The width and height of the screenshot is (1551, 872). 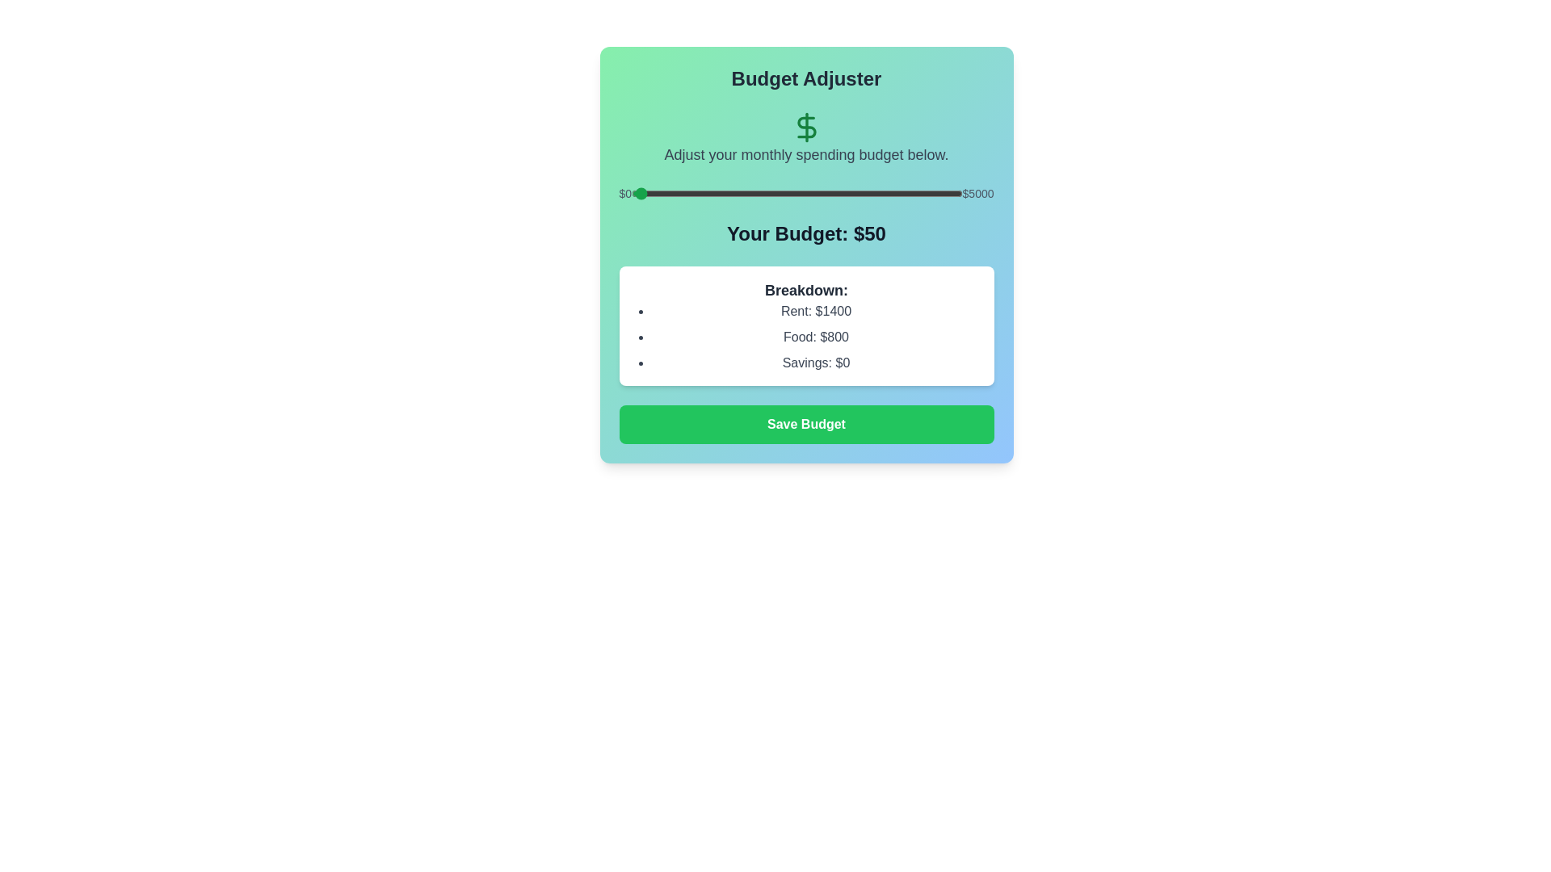 I want to click on the budget to 4813 dollars by adjusting the slider, so click(x=950, y=192).